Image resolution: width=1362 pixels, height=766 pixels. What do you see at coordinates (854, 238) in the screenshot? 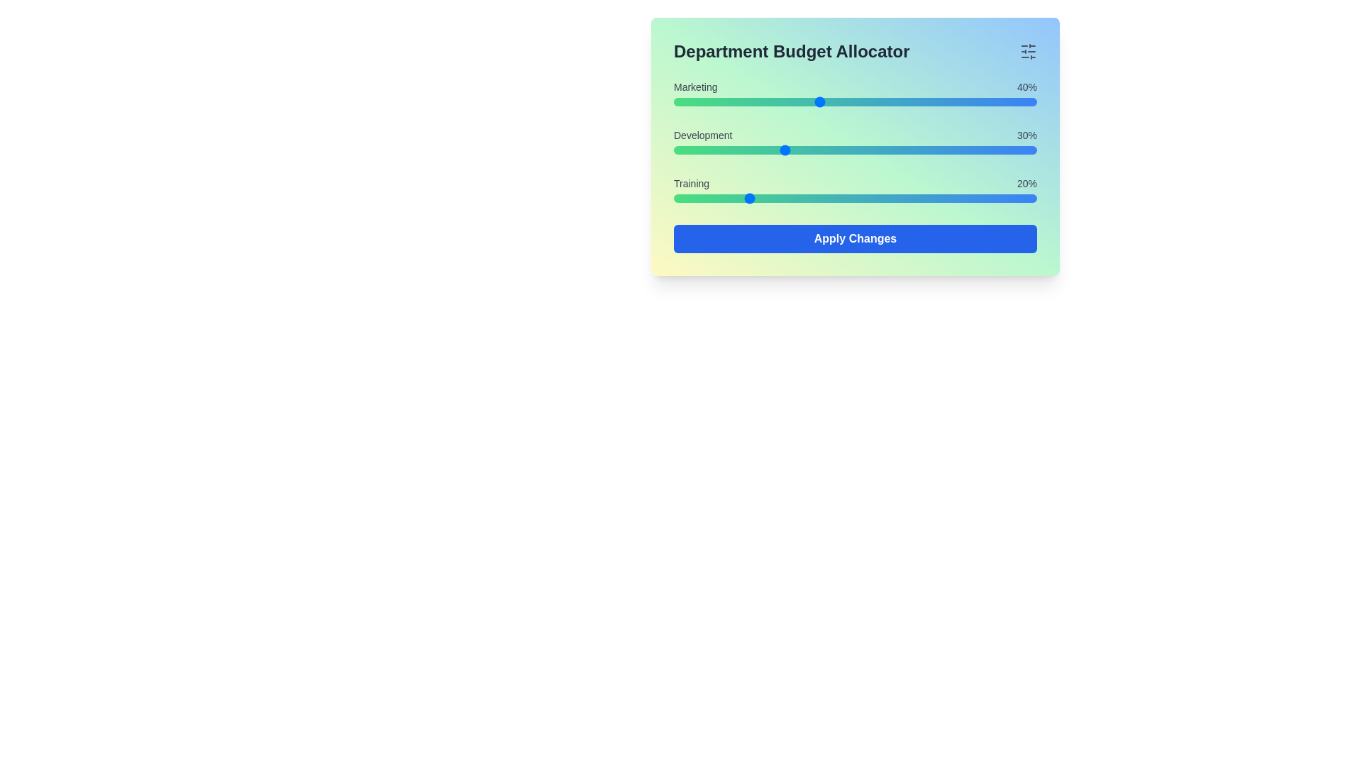
I see `'Apply Changes' button to confirm adjustments` at bounding box center [854, 238].